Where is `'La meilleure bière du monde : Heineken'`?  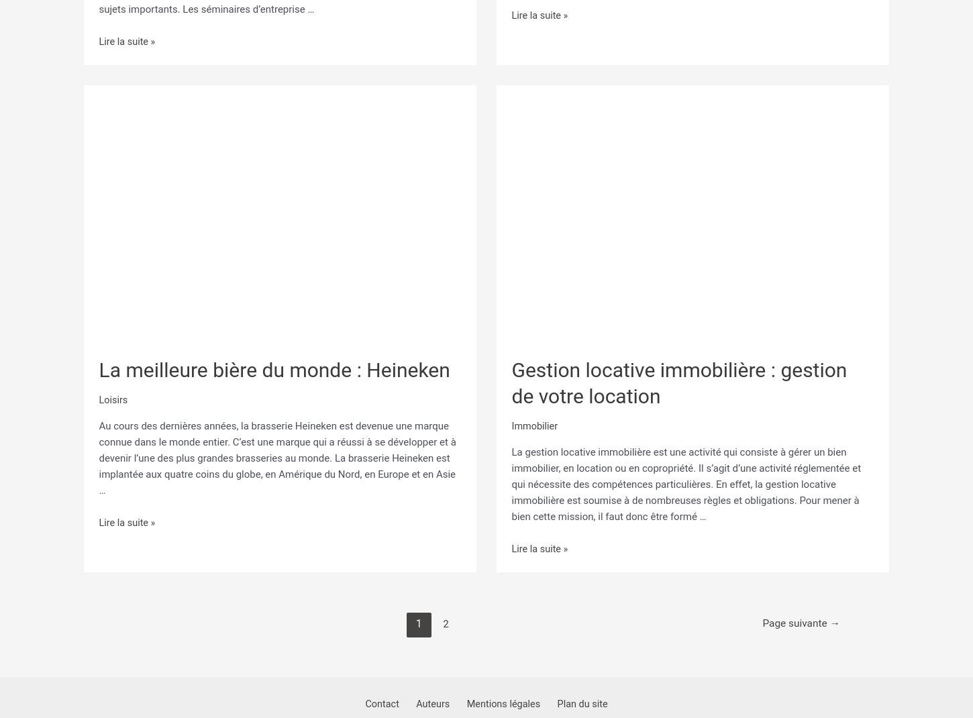
'La meilleure bière du monde : Heineken' is located at coordinates (273, 364).